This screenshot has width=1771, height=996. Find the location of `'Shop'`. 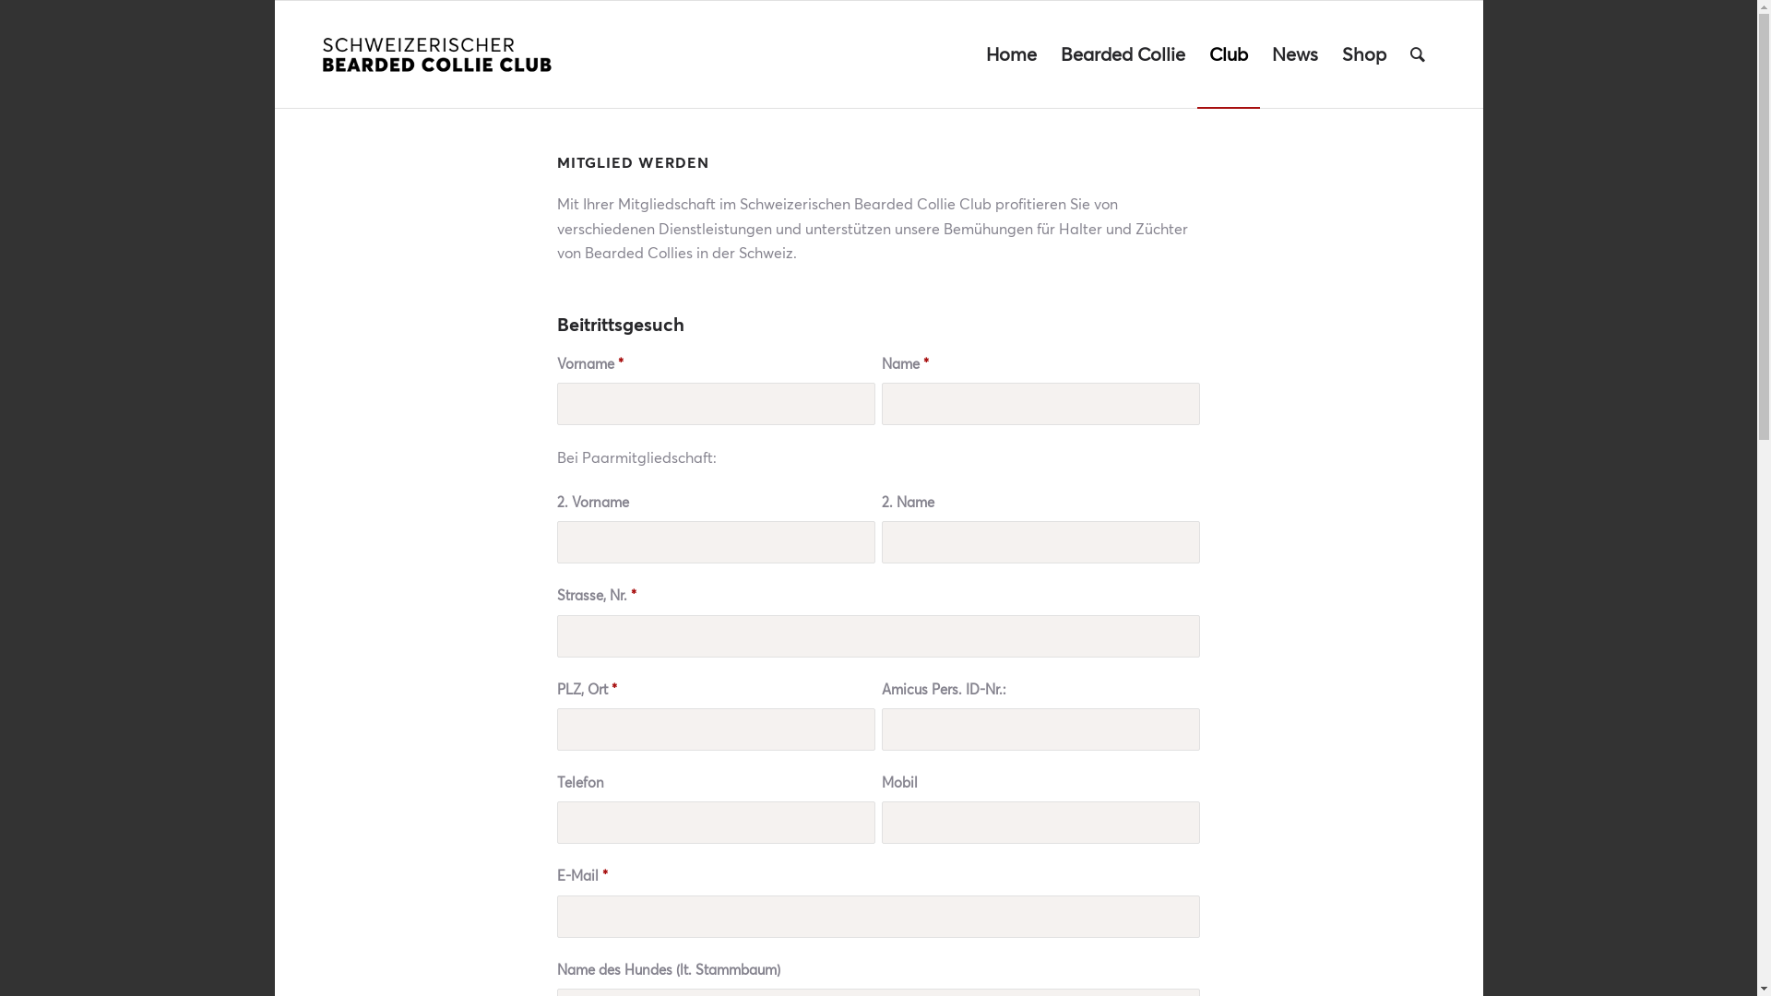

'Shop' is located at coordinates (1363, 53).